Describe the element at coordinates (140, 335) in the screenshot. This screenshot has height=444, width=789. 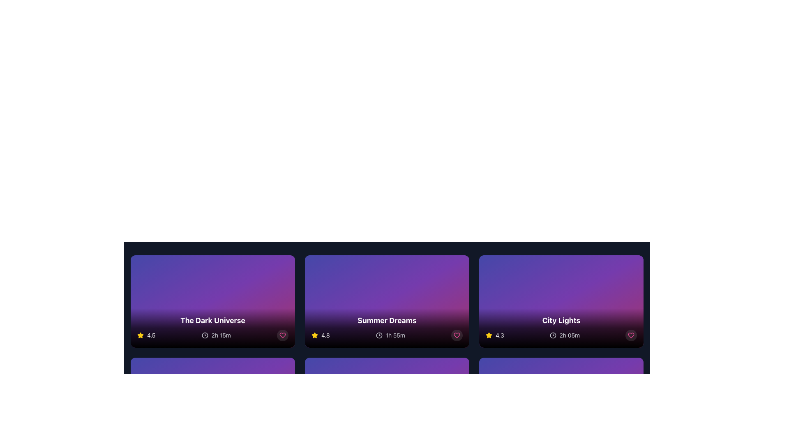
I see `the yellow star icon used for rating representation located to the left of the rating score '4.5' in the bottom information bar of 'The Dark Universe' media card` at that location.